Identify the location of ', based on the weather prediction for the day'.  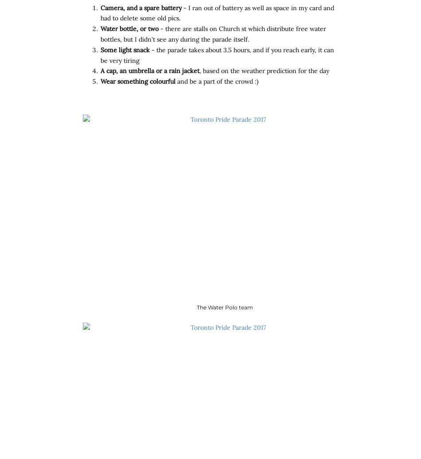
(264, 70).